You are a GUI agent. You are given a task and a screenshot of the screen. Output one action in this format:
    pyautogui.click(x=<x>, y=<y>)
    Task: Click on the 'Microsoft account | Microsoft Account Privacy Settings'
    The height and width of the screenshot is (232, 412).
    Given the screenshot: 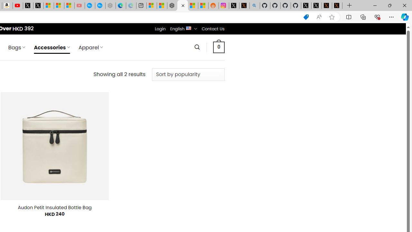 What is the action you would take?
    pyautogui.click(x=151, y=5)
    